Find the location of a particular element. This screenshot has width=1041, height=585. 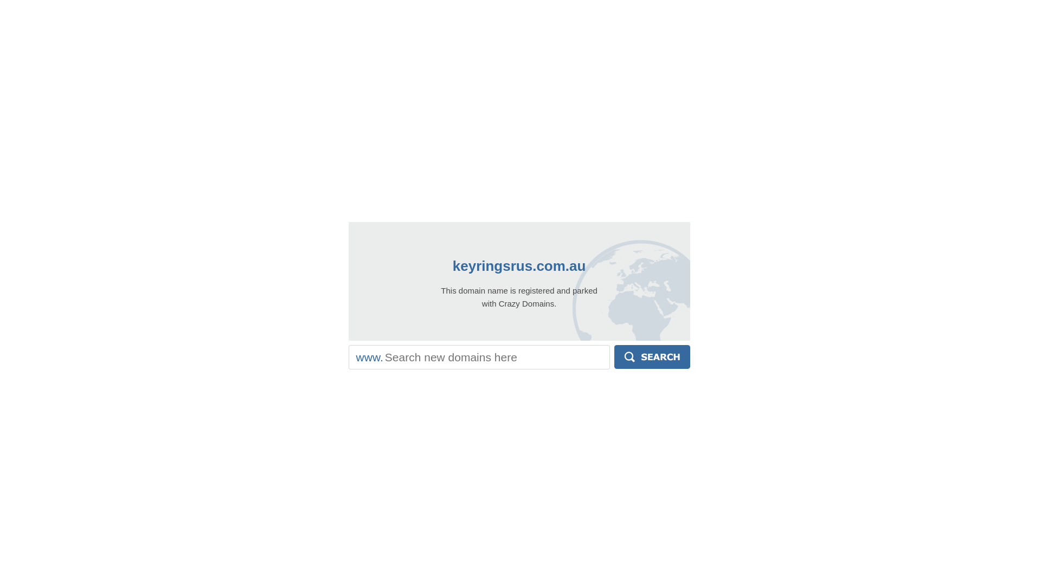

'Search' is located at coordinates (614, 357).